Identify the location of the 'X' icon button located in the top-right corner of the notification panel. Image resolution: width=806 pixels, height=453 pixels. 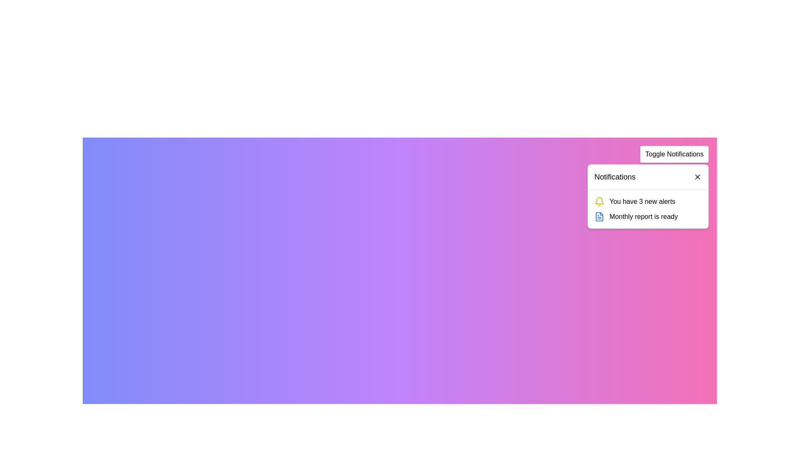
(697, 176).